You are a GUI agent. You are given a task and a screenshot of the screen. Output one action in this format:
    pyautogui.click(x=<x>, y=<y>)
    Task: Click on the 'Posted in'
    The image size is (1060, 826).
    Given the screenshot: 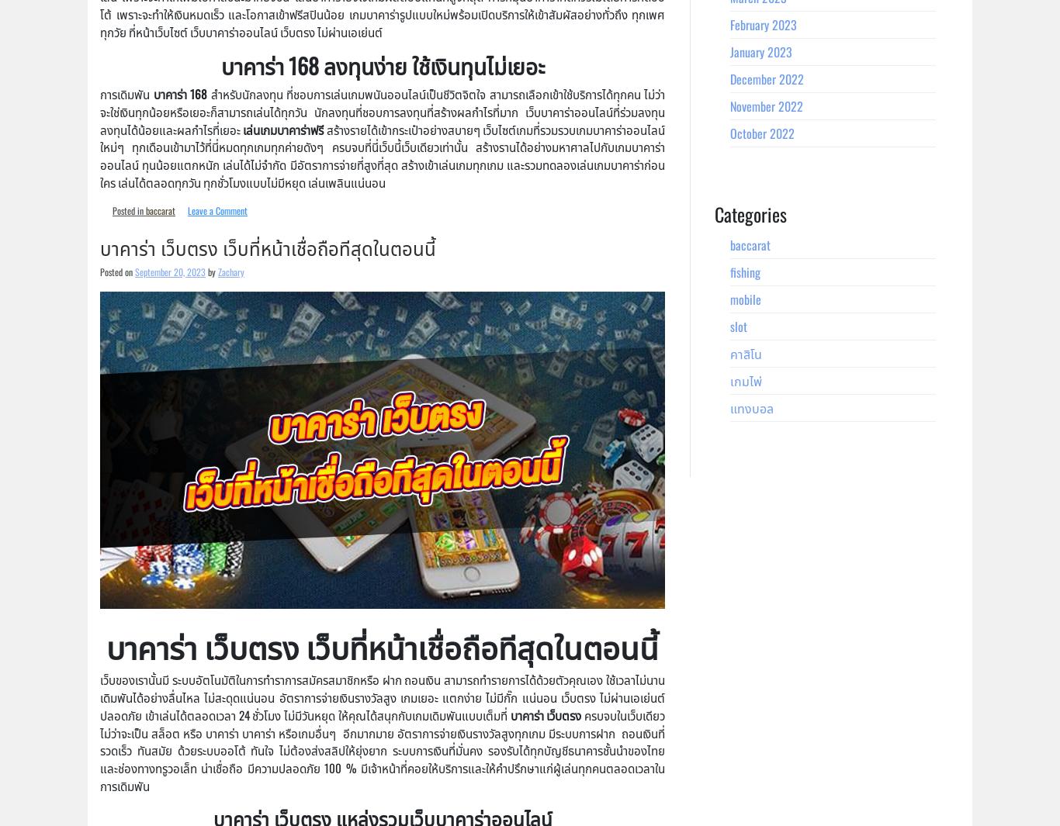 What is the action you would take?
    pyautogui.click(x=128, y=209)
    